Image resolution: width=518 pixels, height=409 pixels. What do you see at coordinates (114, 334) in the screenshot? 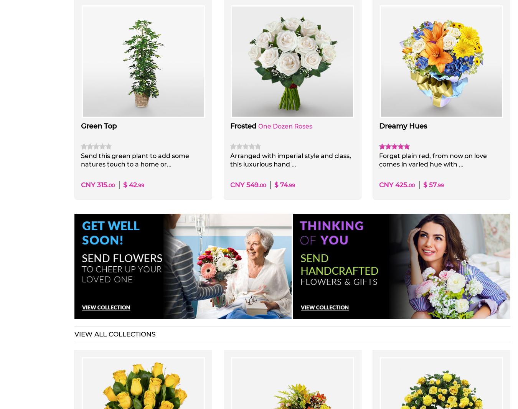
I see `'VIEW ALL COLLECTIONS'` at bounding box center [114, 334].